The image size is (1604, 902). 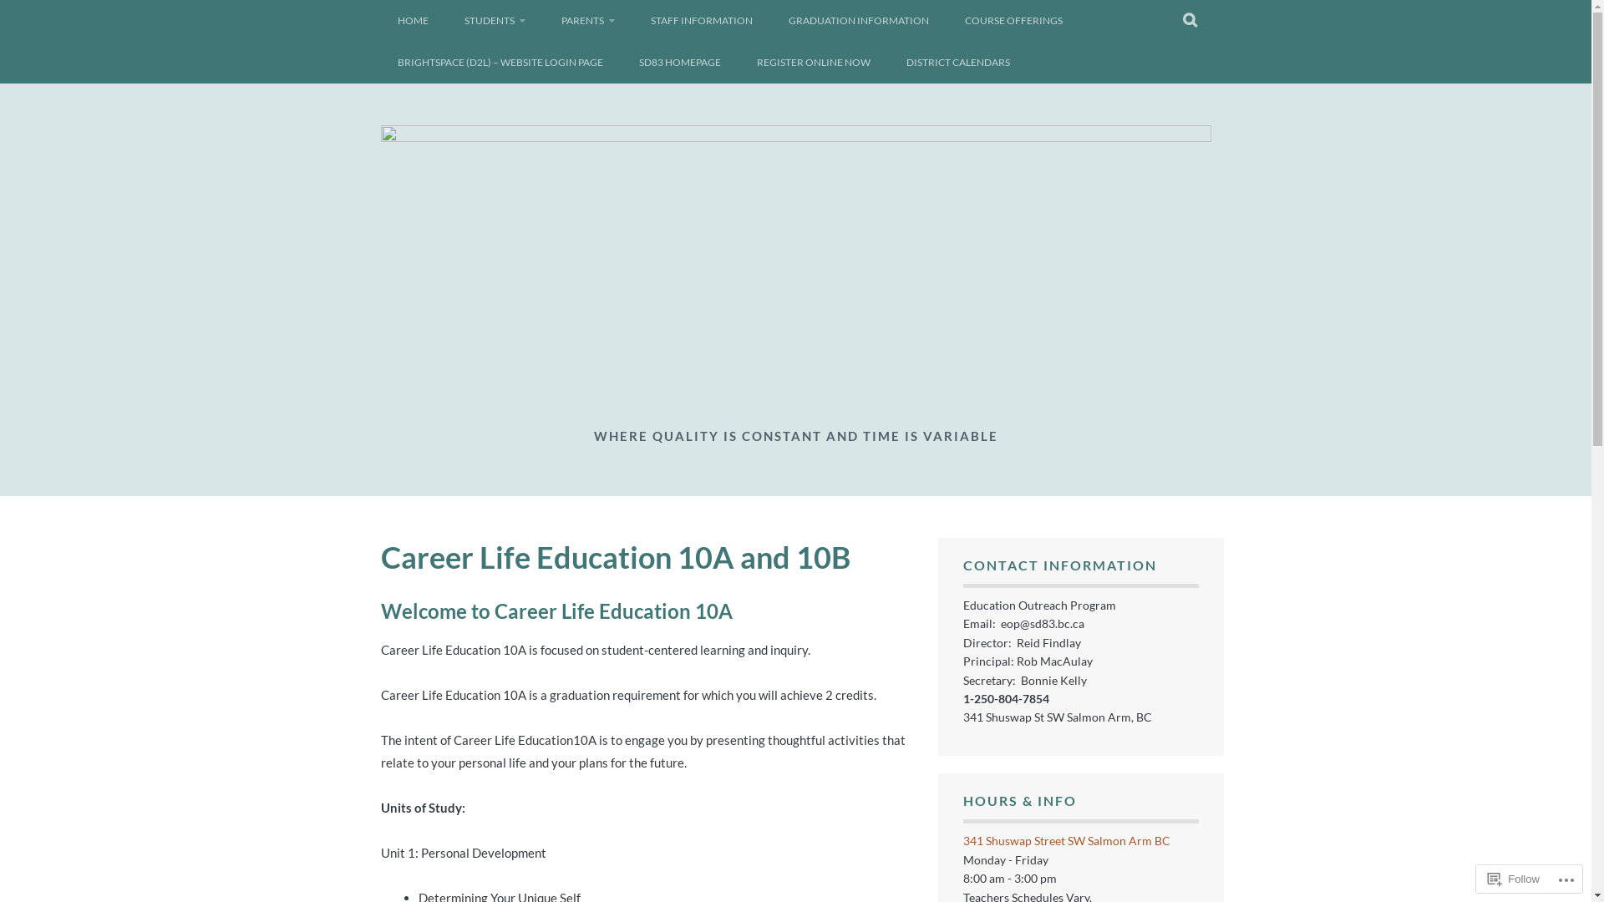 I want to click on 'STUDENTS', so click(x=494, y=20).